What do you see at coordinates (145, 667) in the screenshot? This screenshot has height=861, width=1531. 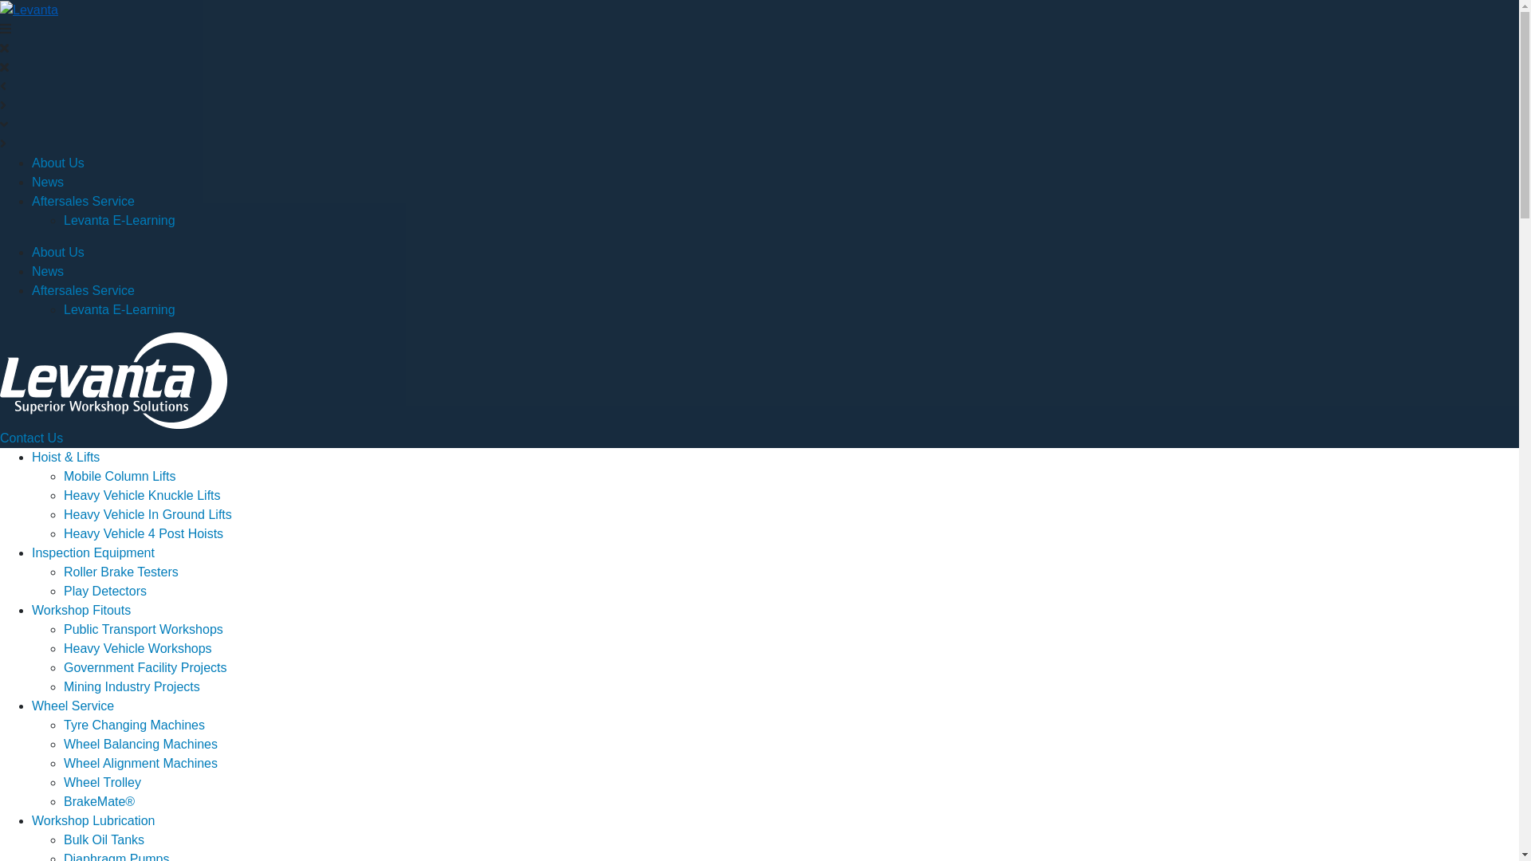 I see `'Government Facility Projects'` at bounding box center [145, 667].